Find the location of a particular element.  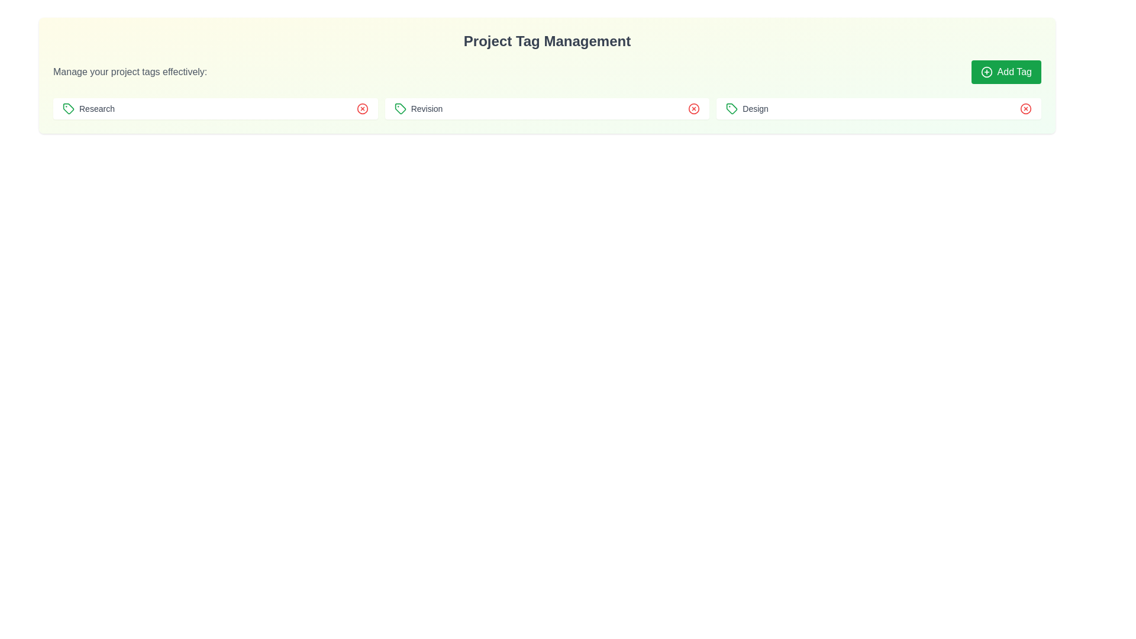

the 'Revision' tag label with the green icon is located at coordinates (418, 109).